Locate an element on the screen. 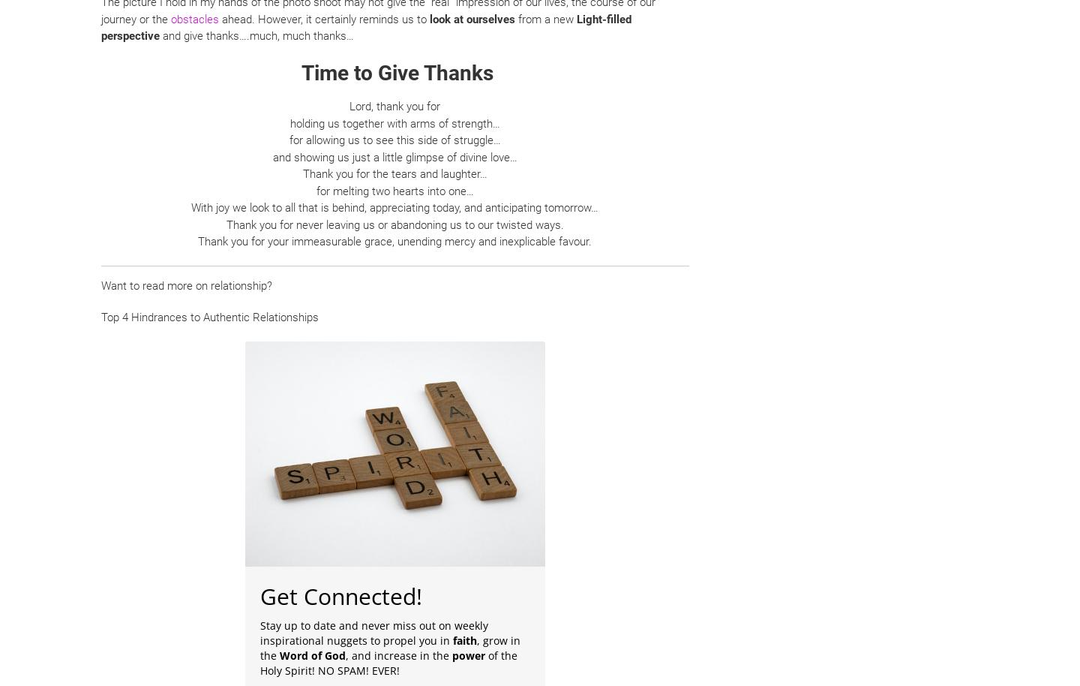 This screenshot has height=686, width=1080. 'Top 4 Hindrances to Authentic Relationships' is located at coordinates (208, 316).